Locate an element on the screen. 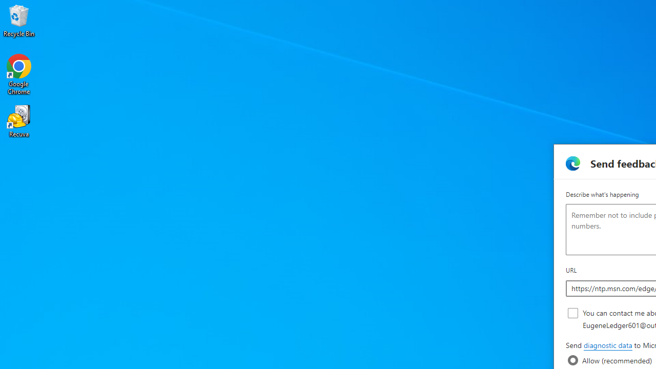 This screenshot has height=369, width=656. 'Allow (recommended)' is located at coordinates (572, 360).